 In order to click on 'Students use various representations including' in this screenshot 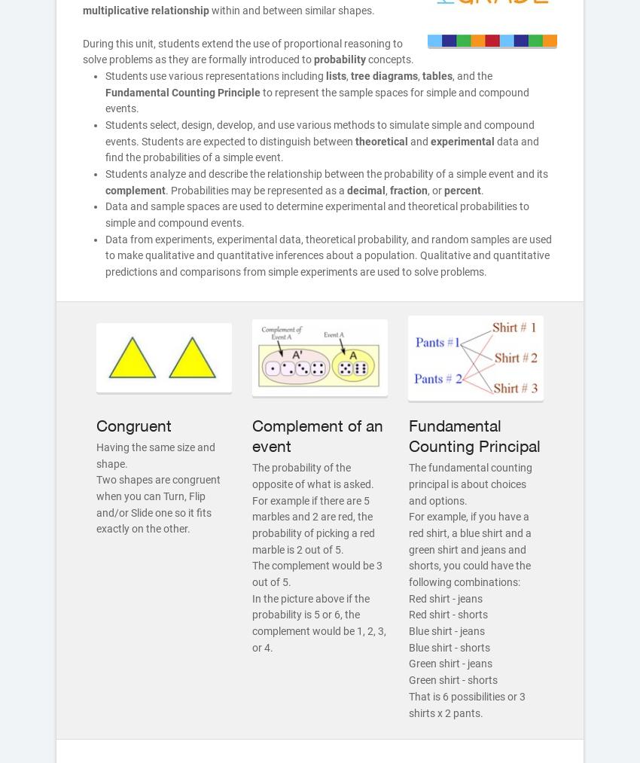, I will do `click(105, 74)`.